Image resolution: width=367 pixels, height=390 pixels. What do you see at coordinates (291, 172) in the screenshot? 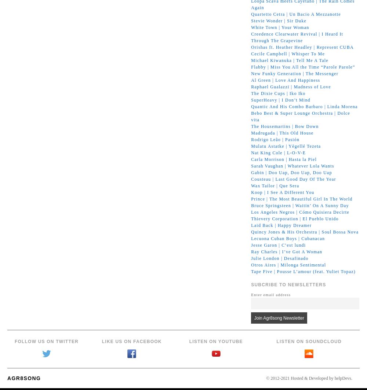
I see `'Gabin | Doo Uap, Doo Uap, Doo Uap'` at bounding box center [291, 172].